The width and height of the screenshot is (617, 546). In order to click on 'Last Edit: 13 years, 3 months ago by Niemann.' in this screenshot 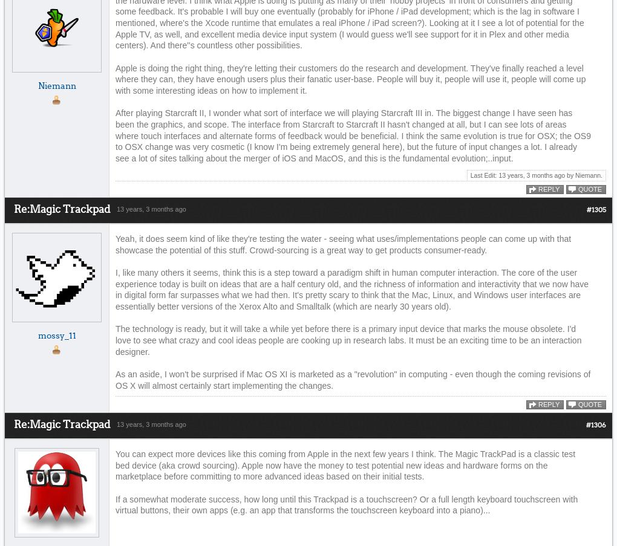, I will do `click(535, 174)`.